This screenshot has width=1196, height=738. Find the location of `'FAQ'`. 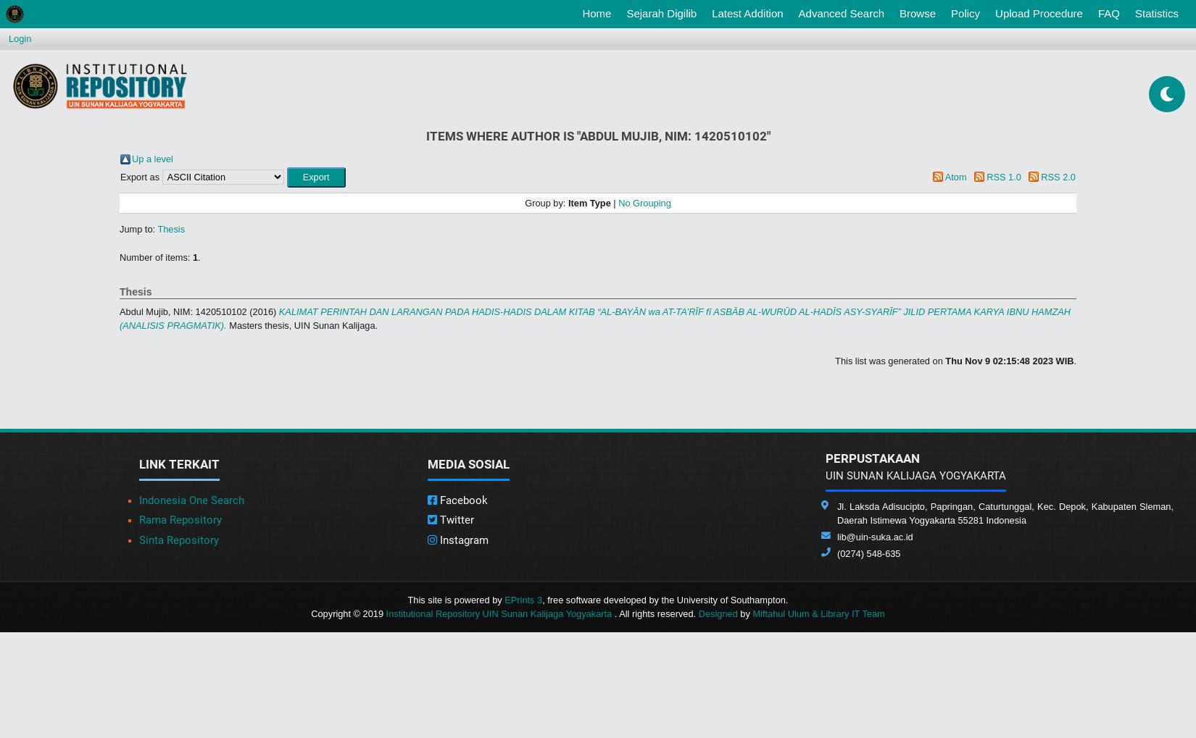

'FAQ' is located at coordinates (1108, 12).